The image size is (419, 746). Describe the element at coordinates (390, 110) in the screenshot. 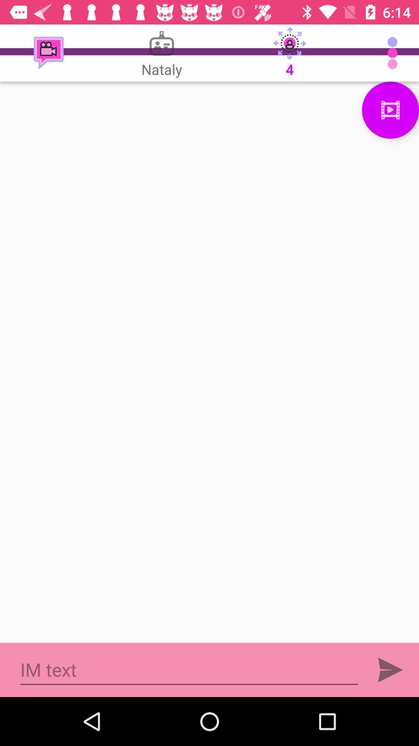

I see `menu page` at that location.